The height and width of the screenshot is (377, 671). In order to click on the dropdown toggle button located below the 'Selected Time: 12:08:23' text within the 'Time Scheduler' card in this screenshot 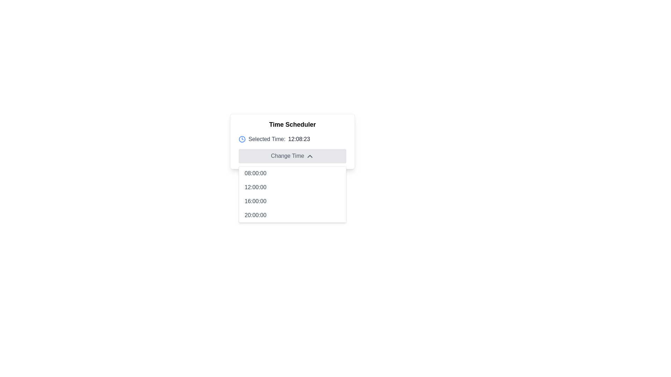, I will do `click(292, 156)`.